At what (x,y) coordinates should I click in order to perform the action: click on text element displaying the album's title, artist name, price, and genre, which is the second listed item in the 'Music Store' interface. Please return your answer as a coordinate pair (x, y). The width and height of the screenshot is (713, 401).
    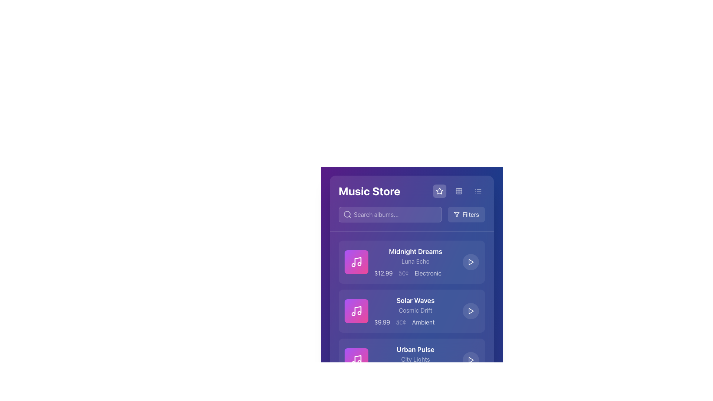
    Looking at the image, I should click on (415, 311).